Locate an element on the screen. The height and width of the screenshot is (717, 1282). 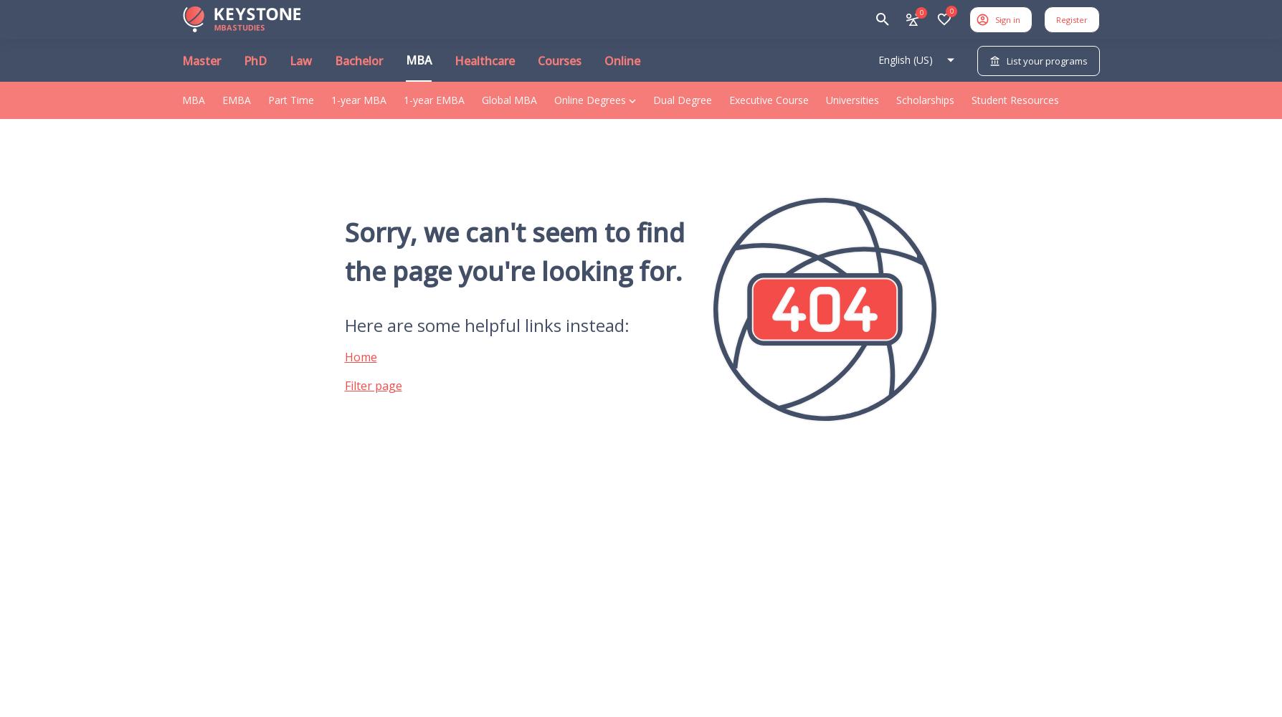
'Master' is located at coordinates (201, 60).